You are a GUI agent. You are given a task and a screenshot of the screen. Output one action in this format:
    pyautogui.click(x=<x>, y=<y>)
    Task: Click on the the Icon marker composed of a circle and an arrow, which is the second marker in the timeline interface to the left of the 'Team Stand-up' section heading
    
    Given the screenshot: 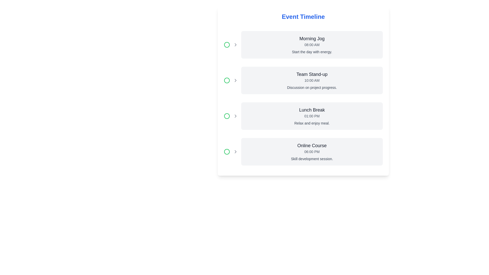 What is the action you would take?
    pyautogui.click(x=232, y=80)
    